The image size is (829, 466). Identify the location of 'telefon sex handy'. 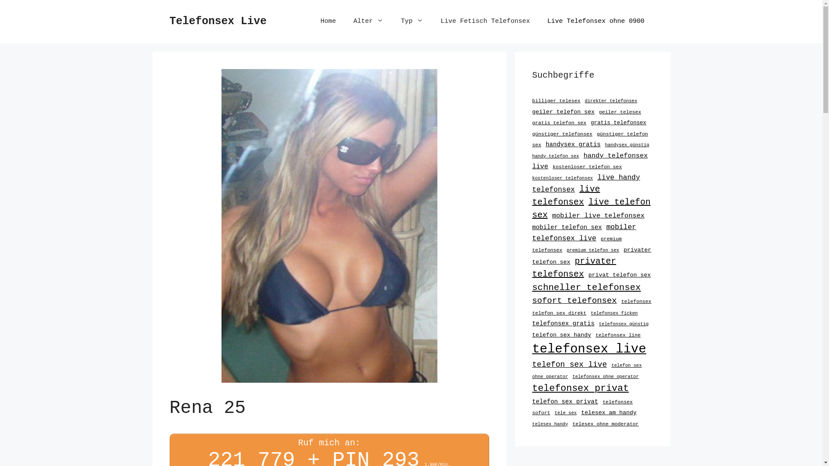
(561, 334).